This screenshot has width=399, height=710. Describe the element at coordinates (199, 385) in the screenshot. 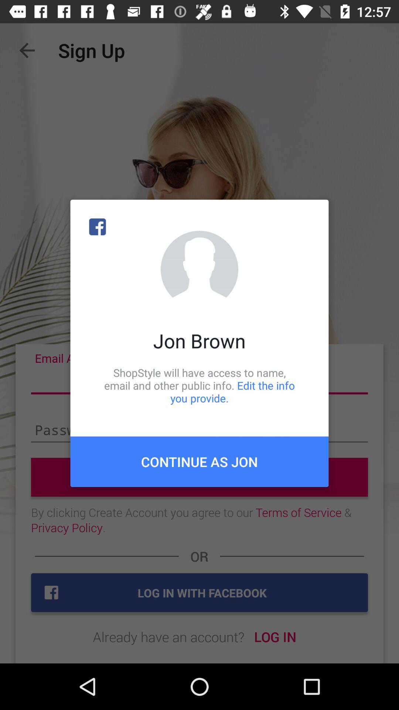

I see `icon above the continue as jon icon` at that location.